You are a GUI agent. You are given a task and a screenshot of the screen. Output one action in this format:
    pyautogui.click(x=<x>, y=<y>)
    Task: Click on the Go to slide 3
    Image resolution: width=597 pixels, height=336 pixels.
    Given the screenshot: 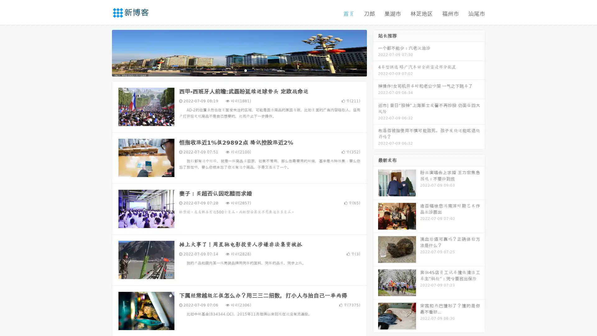 What is the action you would take?
    pyautogui.click(x=245, y=70)
    